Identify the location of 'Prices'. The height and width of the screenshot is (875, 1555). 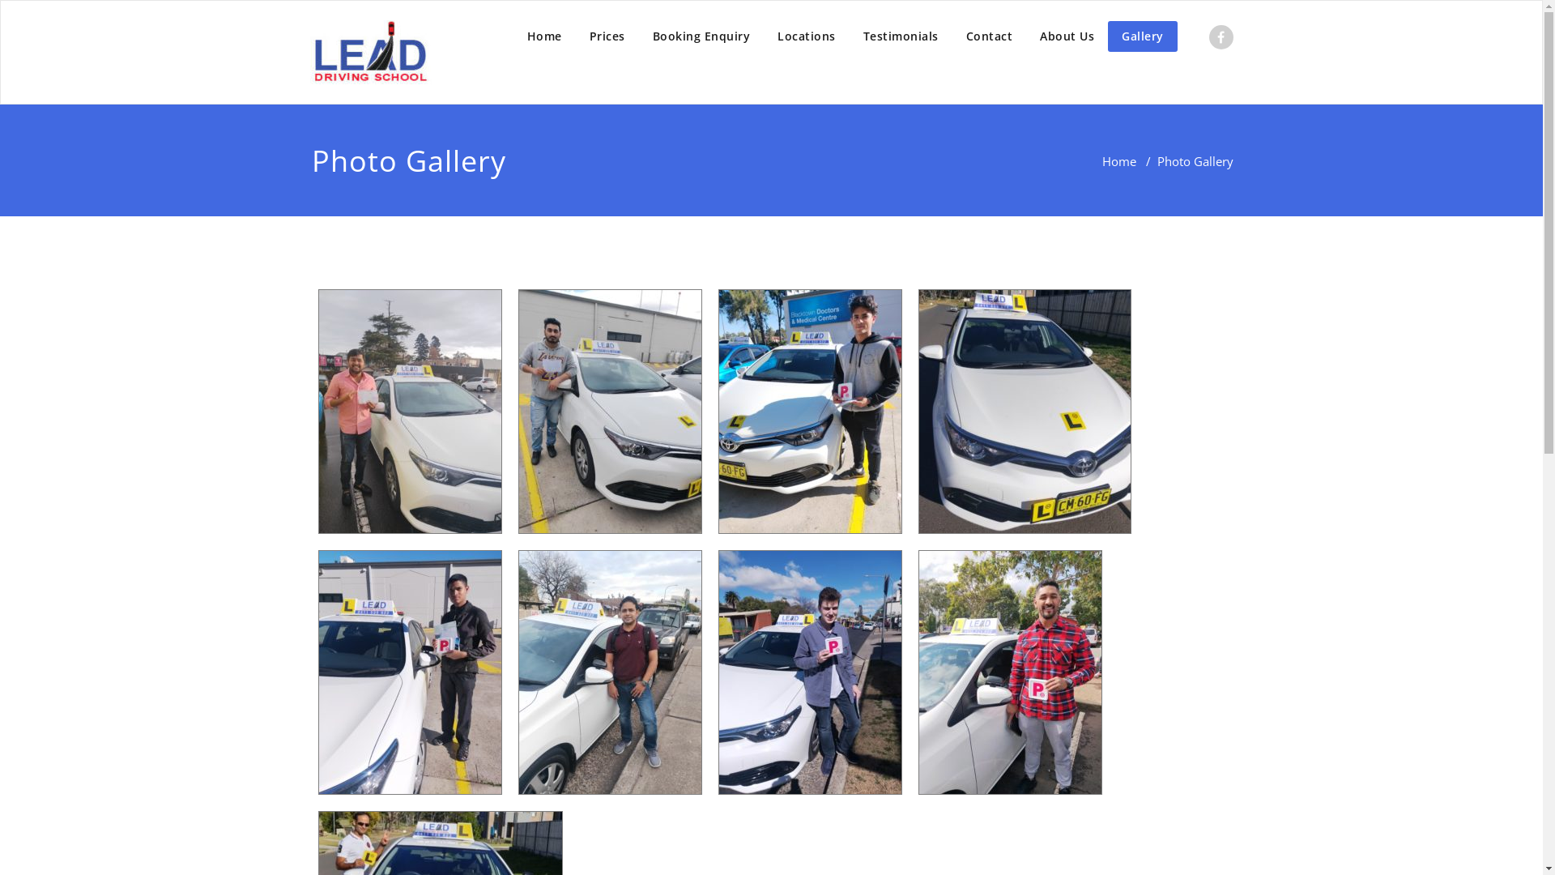
(575, 36).